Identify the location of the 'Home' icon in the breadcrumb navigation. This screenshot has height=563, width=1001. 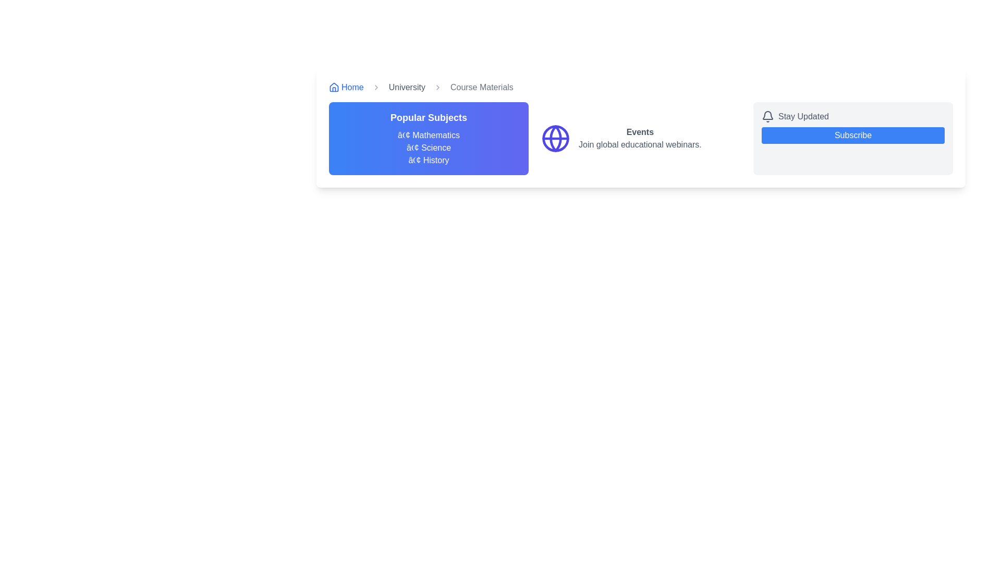
(334, 87).